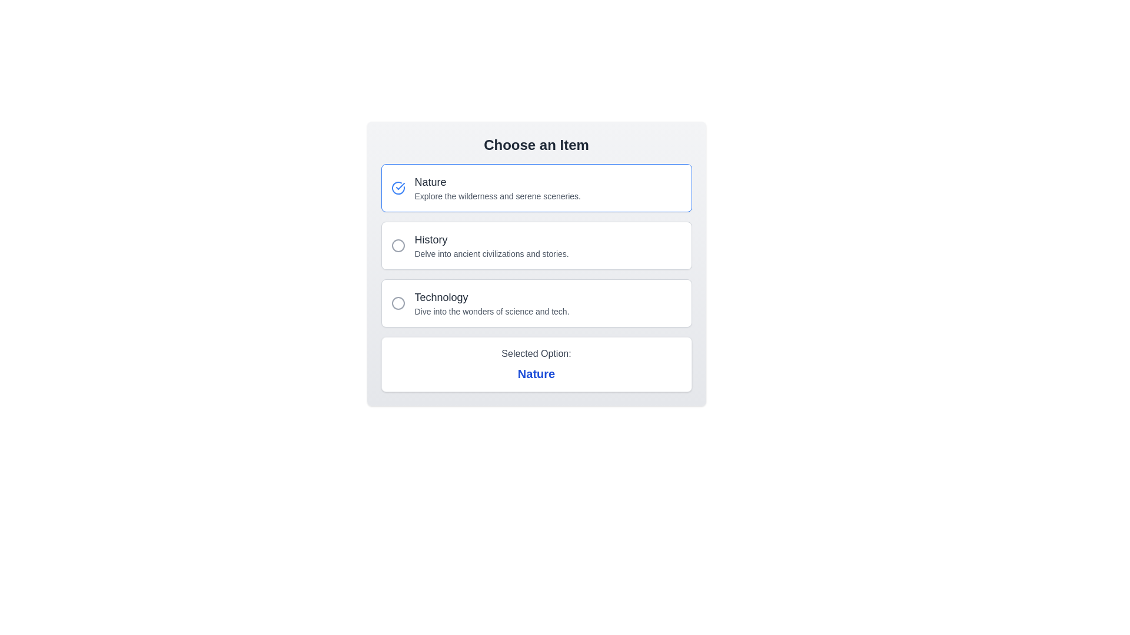 This screenshot has height=635, width=1130. Describe the element at coordinates (398, 188) in the screenshot. I see `the upper-left segment of the circular outline in the blue-highlighted checkmark icon, which signifies selection or success, located to the left of the 'Nature' label in the first item of the list` at that location.